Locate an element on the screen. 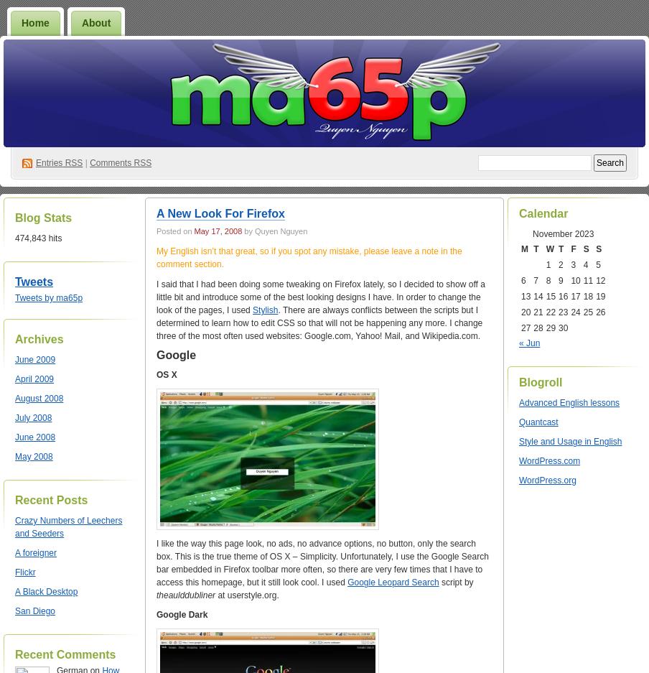  '20' is located at coordinates (525, 311).